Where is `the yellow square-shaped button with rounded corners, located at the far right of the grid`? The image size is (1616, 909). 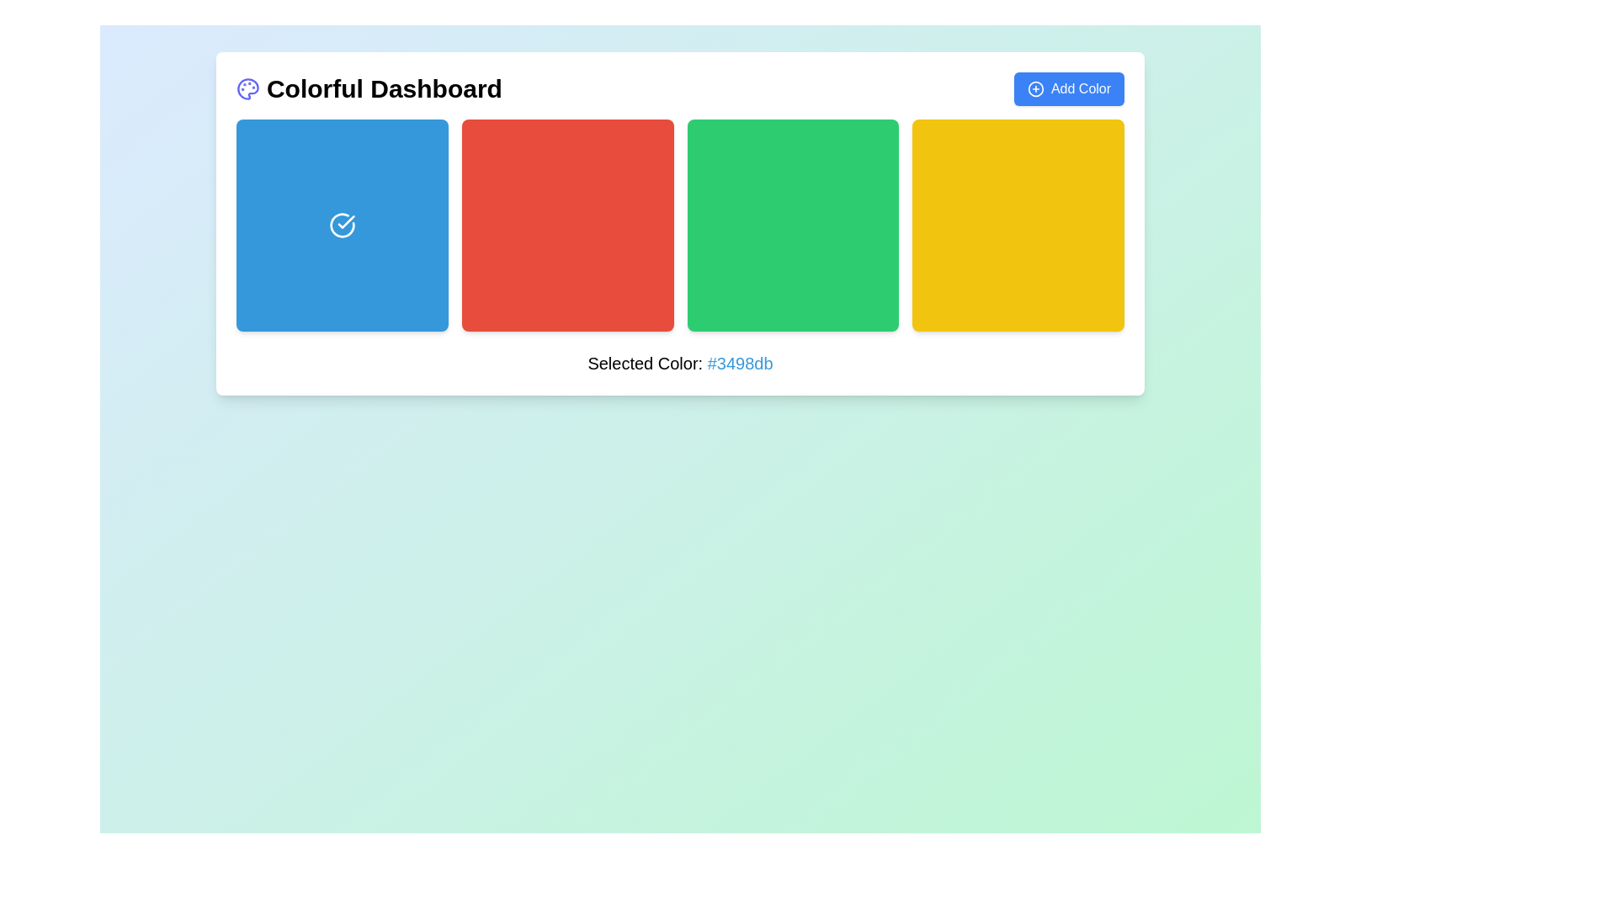
the yellow square-shaped button with rounded corners, located at the far right of the grid is located at coordinates (1018, 224).